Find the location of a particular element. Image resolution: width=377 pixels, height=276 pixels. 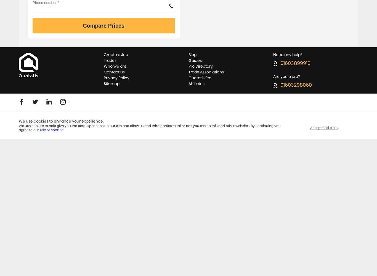

'We use cookies to enhance your experience.' is located at coordinates (61, 121).